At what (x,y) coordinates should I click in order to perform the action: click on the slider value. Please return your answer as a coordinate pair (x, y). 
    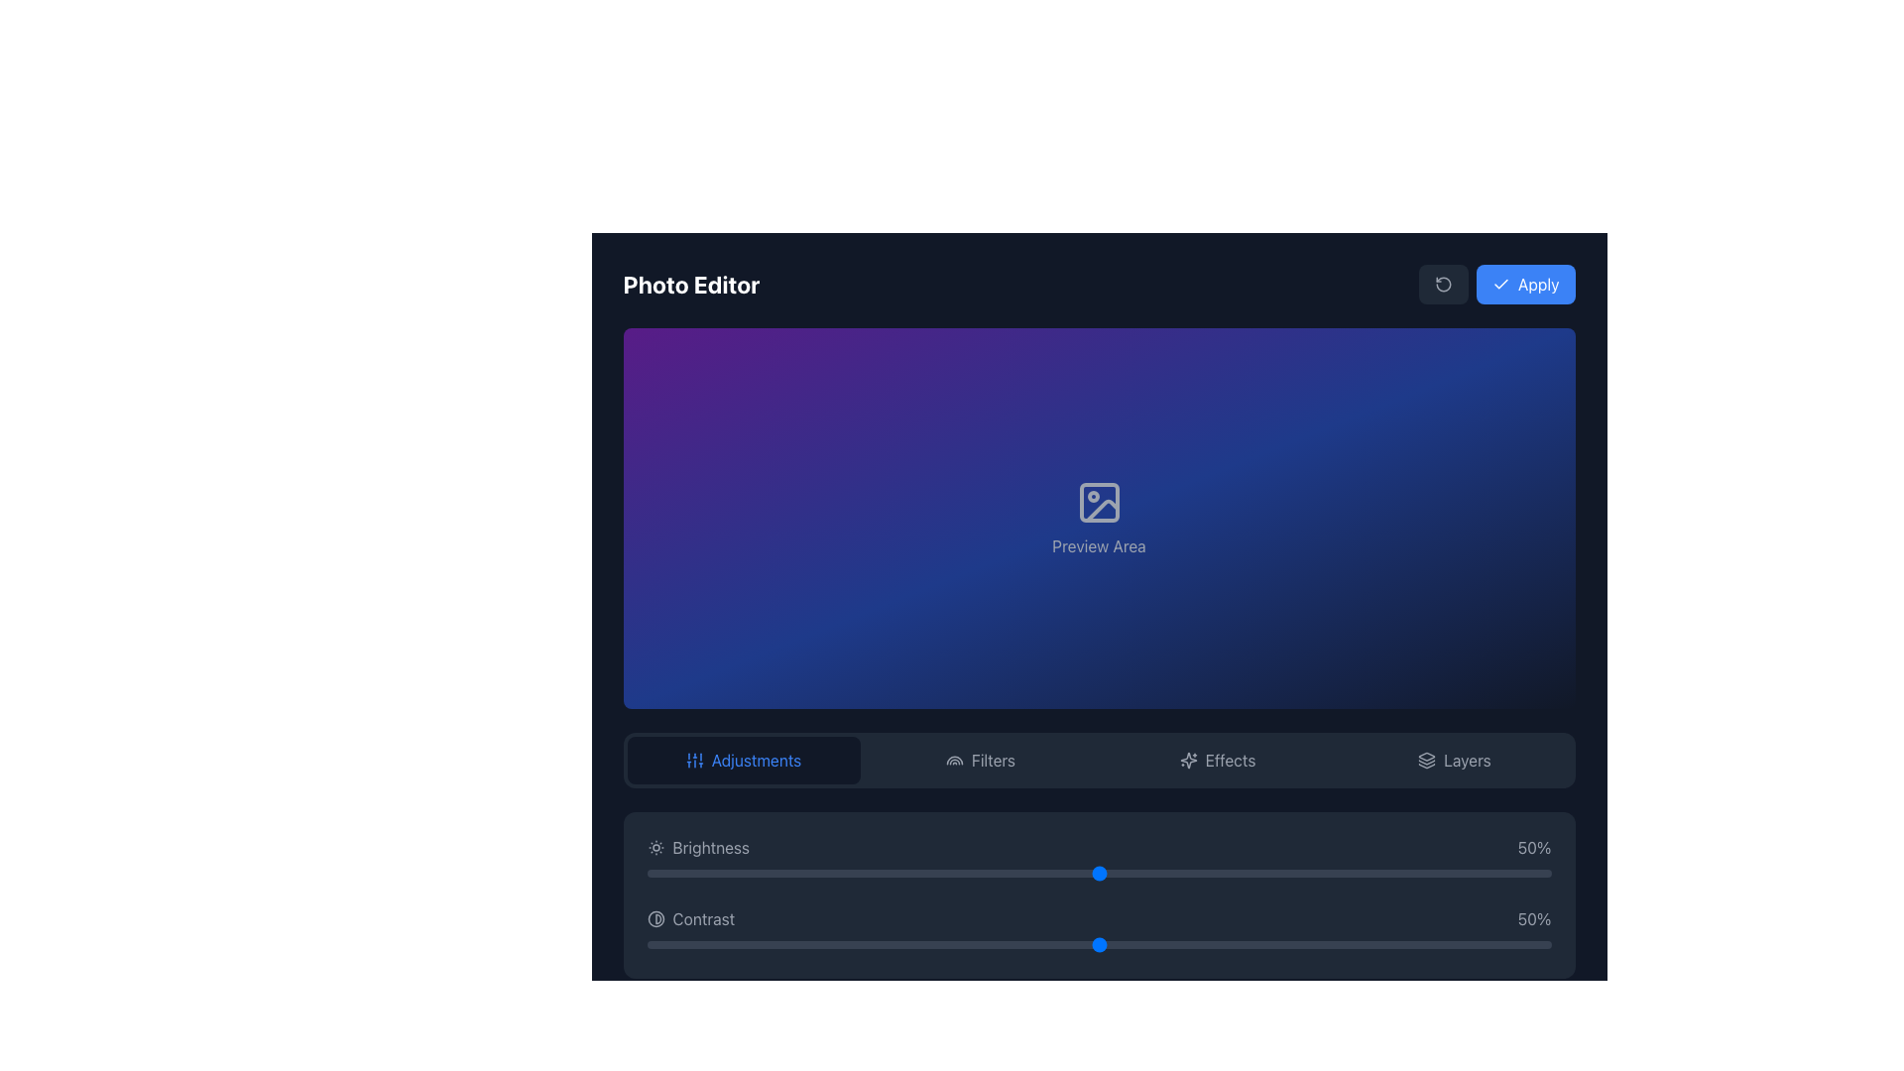
    Looking at the image, I should click on (926, 872).